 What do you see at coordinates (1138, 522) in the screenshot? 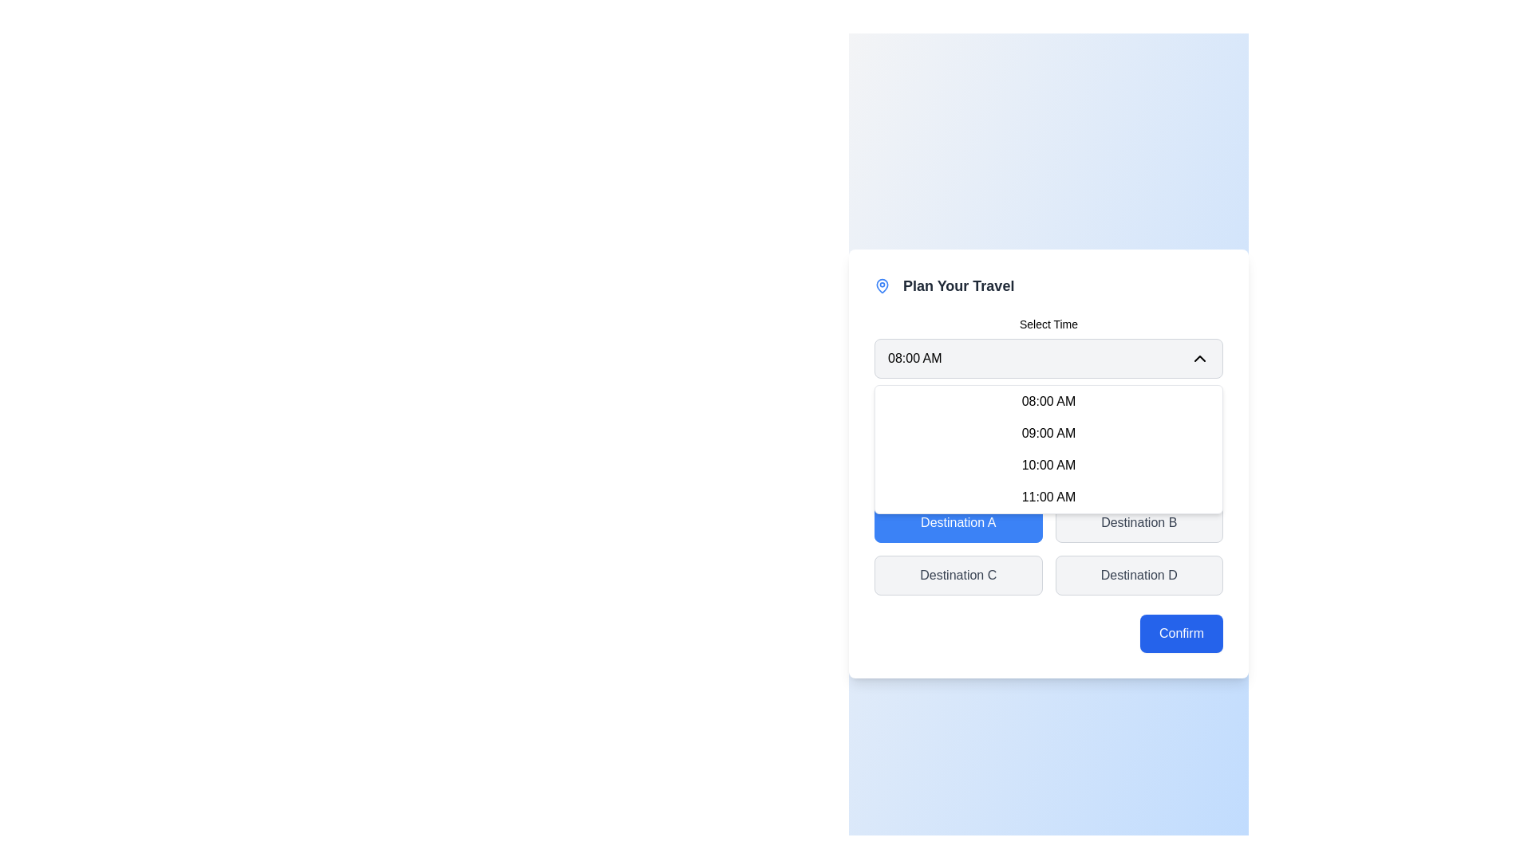
I see `the 'Destination B' selection button in the travel planning interface to choose it as the desired option` at bounding box center [1138, 522].